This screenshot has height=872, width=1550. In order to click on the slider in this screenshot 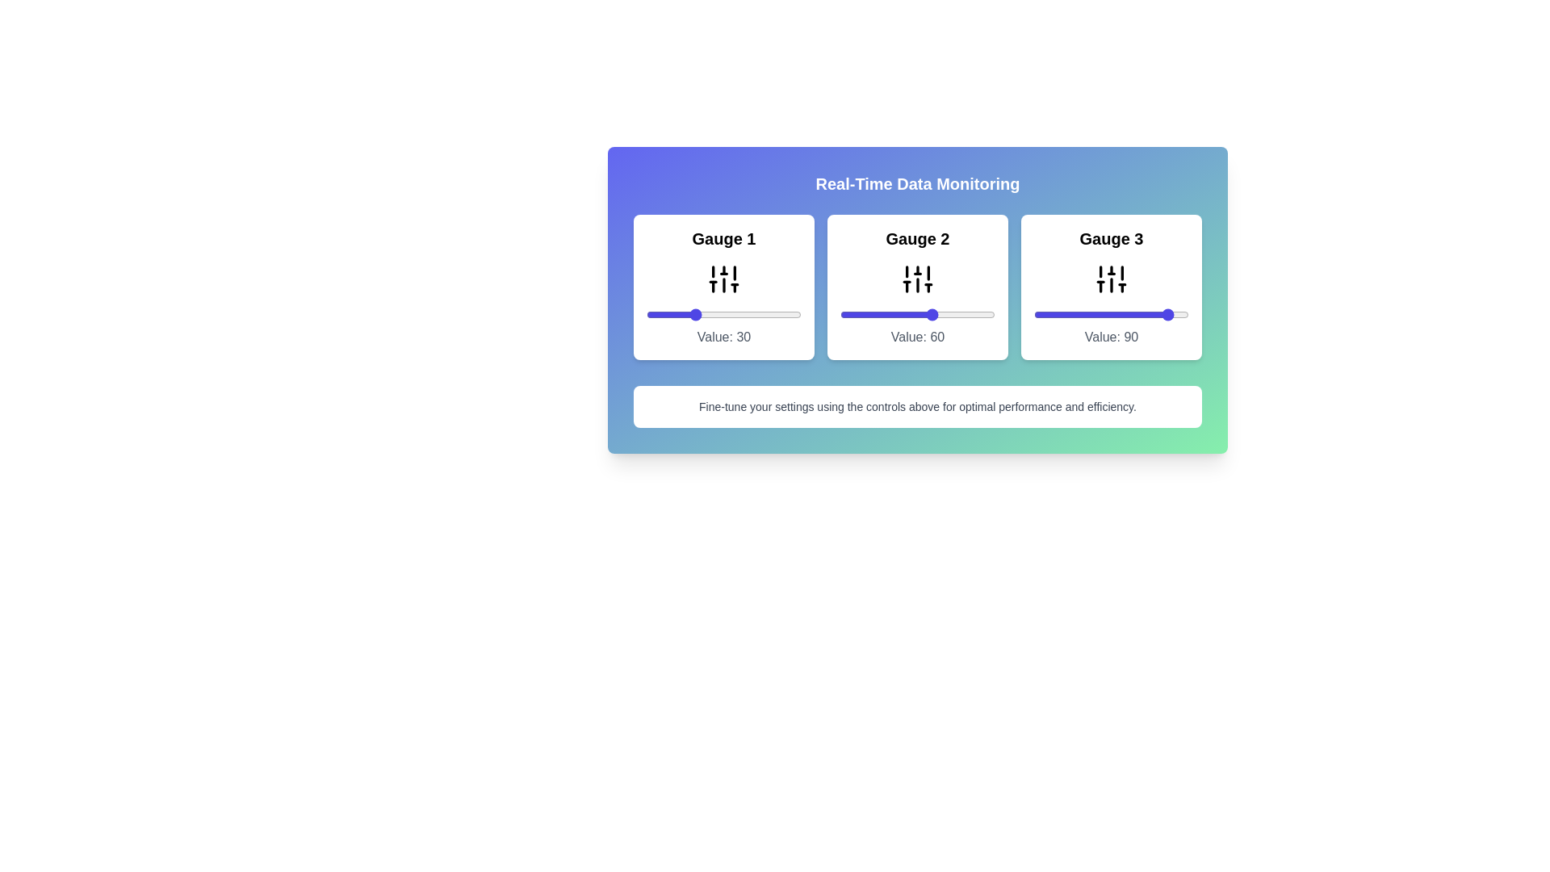, I will do `click(895, 314)`.